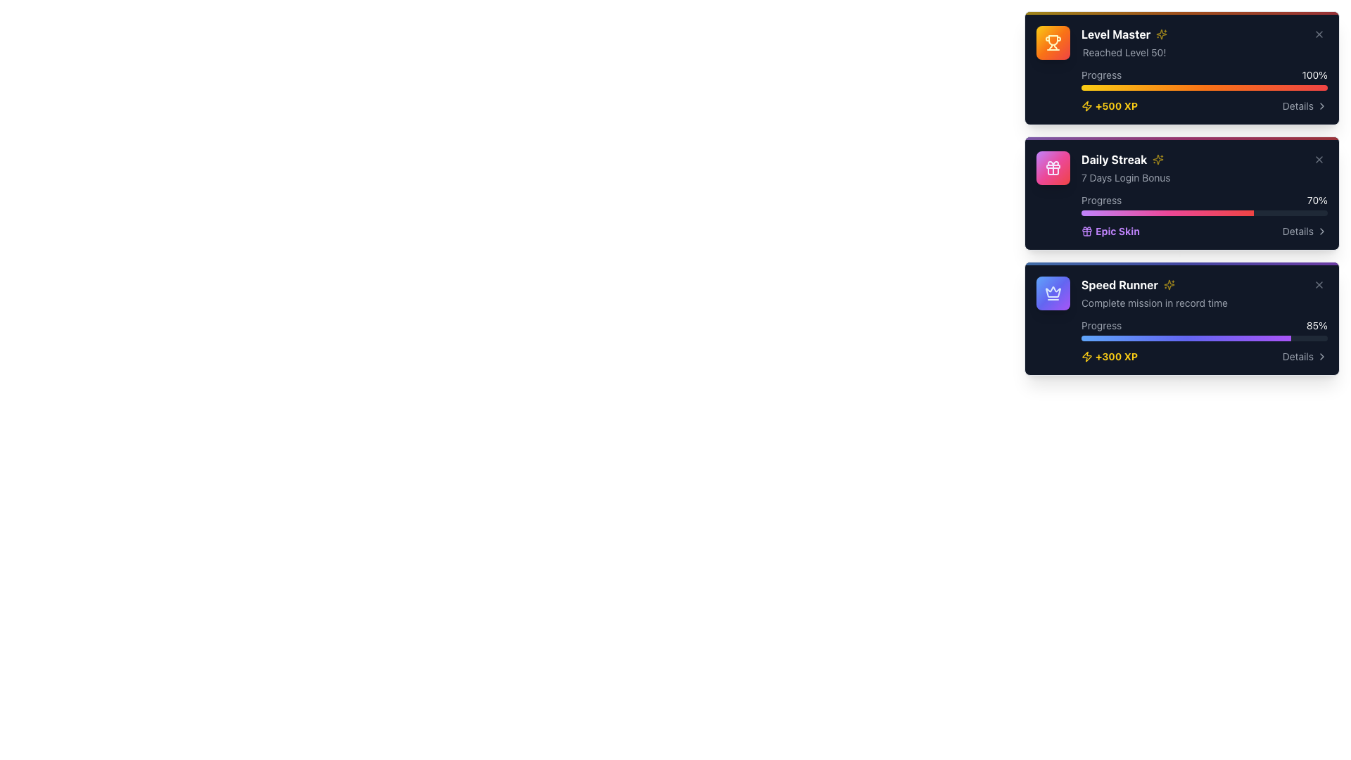 The height and width of the screenshot is (760, 1351). What do you see at coordinates (1086, 355) in the screenshot?
I see `the details of the progress icon representing a reward for speed or energy, located to the left of the '+300 XP' text within the 'Speed Runner' achievement card` at bounding box center [1086, 355].